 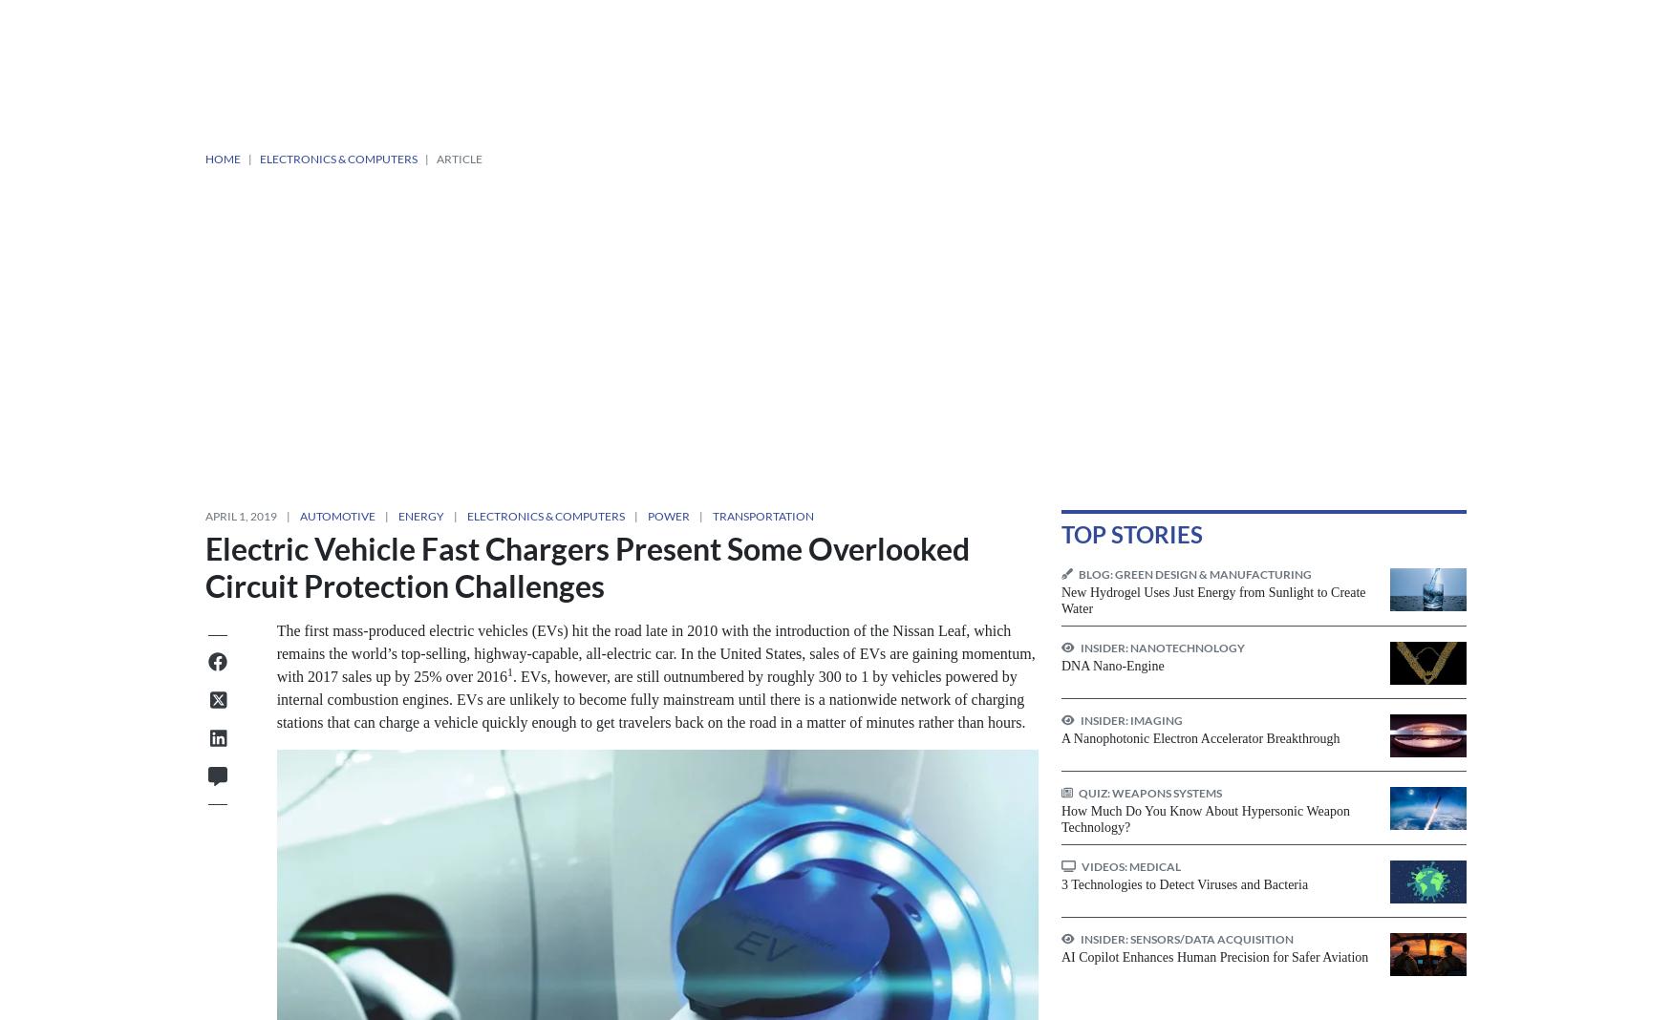 I want to click on 'New SAE Wireless Charging Standard is EV Game-Changer', so click(x=398, y=882).